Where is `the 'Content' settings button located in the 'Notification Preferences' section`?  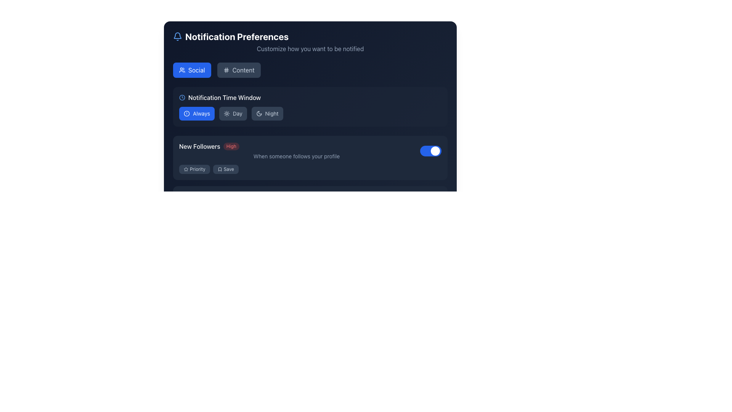
the 'Content' settings button located in the 'Notification Preferences' section is located at coordinates (238, 70).